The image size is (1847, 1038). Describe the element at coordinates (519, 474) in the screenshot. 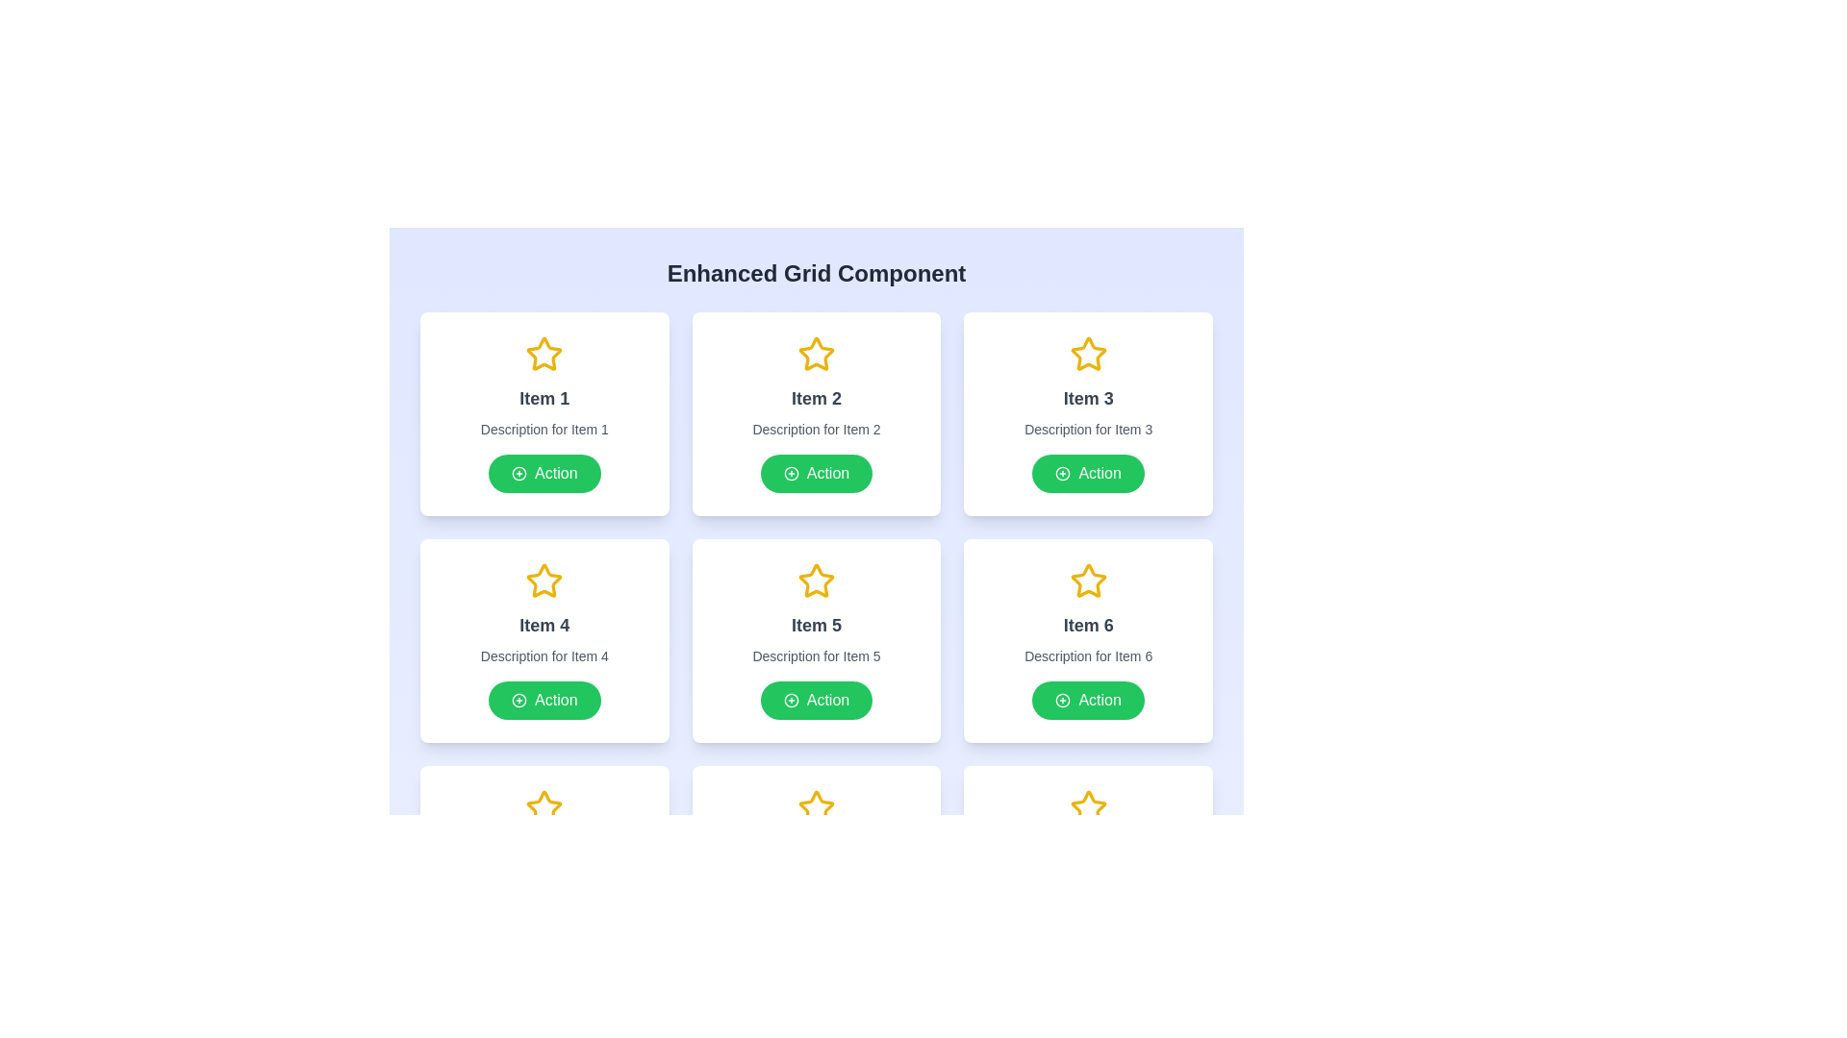

I see `the green circular 'plus' icon located in the middle section of the 'Action' button at the bottom of the 'Item 1' card` at that location.